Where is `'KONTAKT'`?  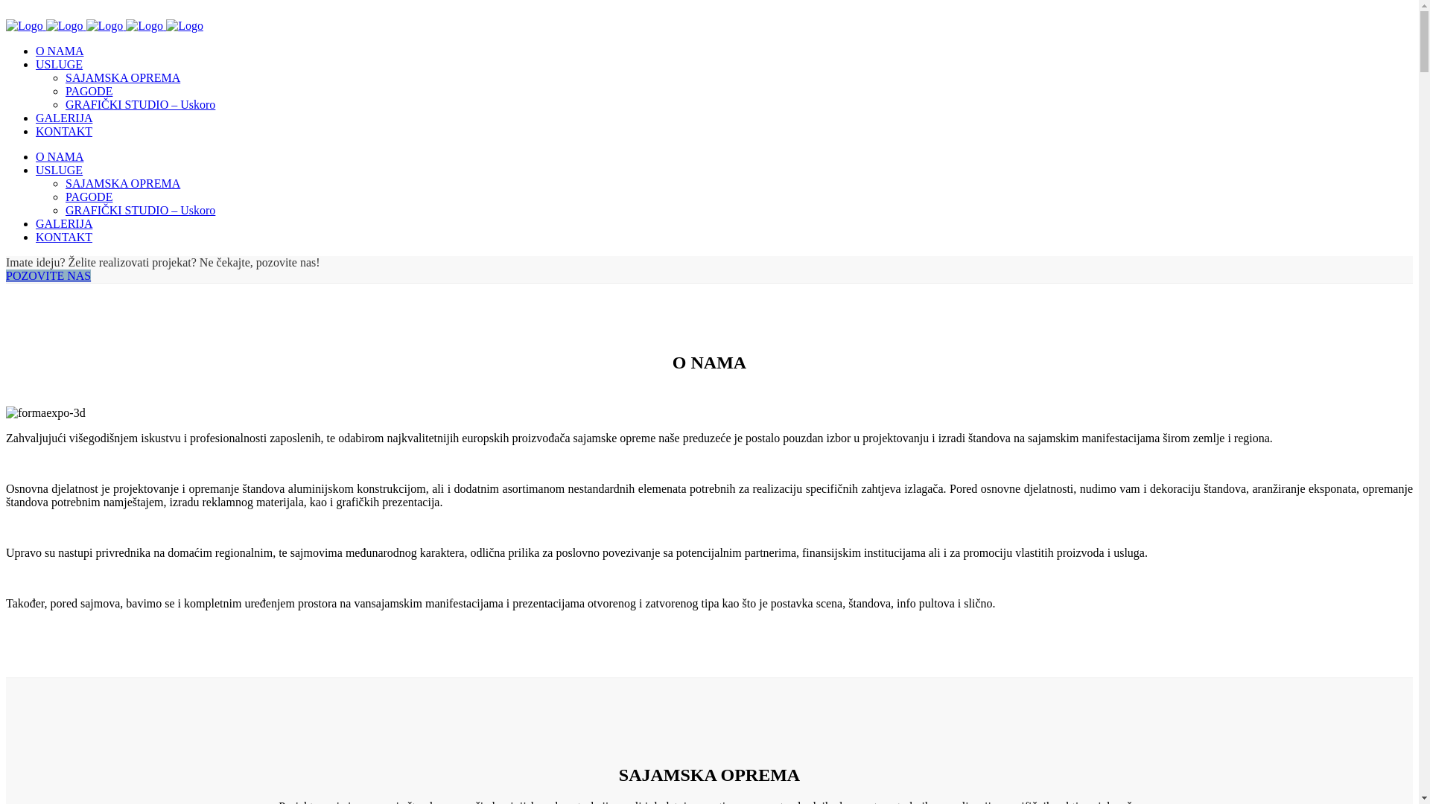
'KONTAKT' is located at coordinates (63, 236).